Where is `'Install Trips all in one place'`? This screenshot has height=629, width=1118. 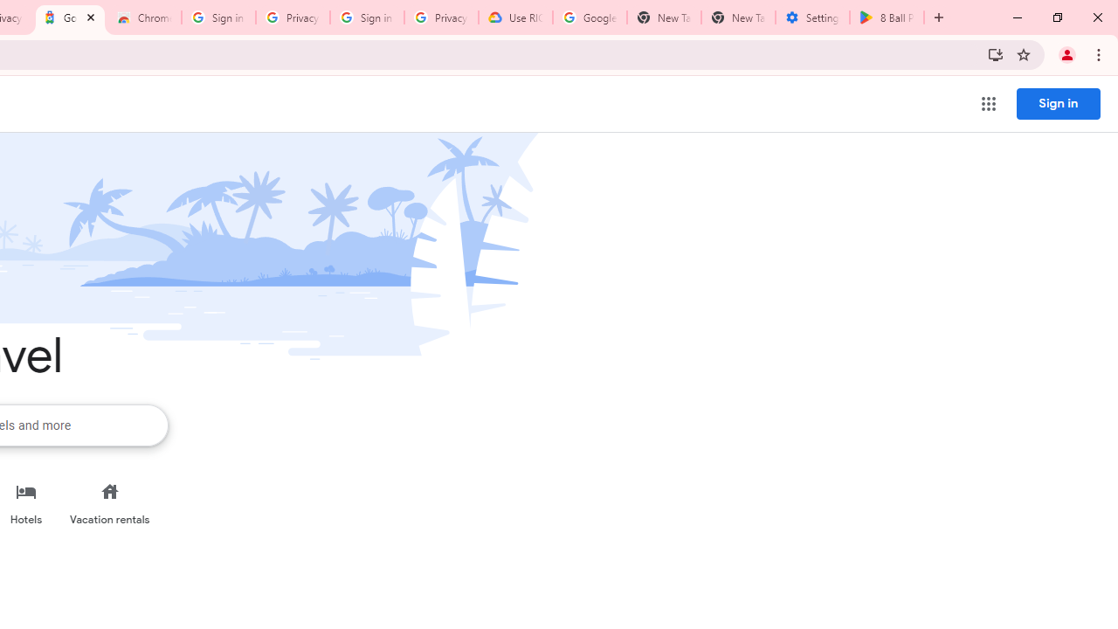
'Install Trips all in one place' is located at coordinates (995, 53).